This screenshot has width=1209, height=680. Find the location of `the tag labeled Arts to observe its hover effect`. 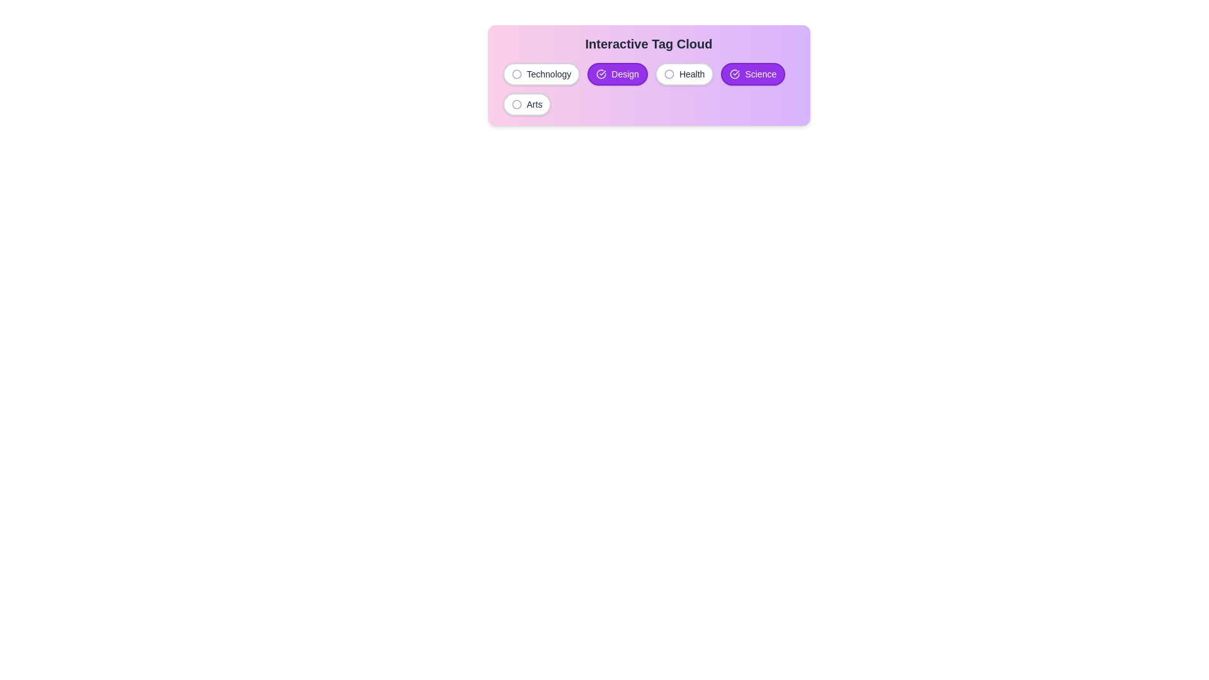

the tag labeled Arts to observe its hover effect is located at coordinates (526, 103).